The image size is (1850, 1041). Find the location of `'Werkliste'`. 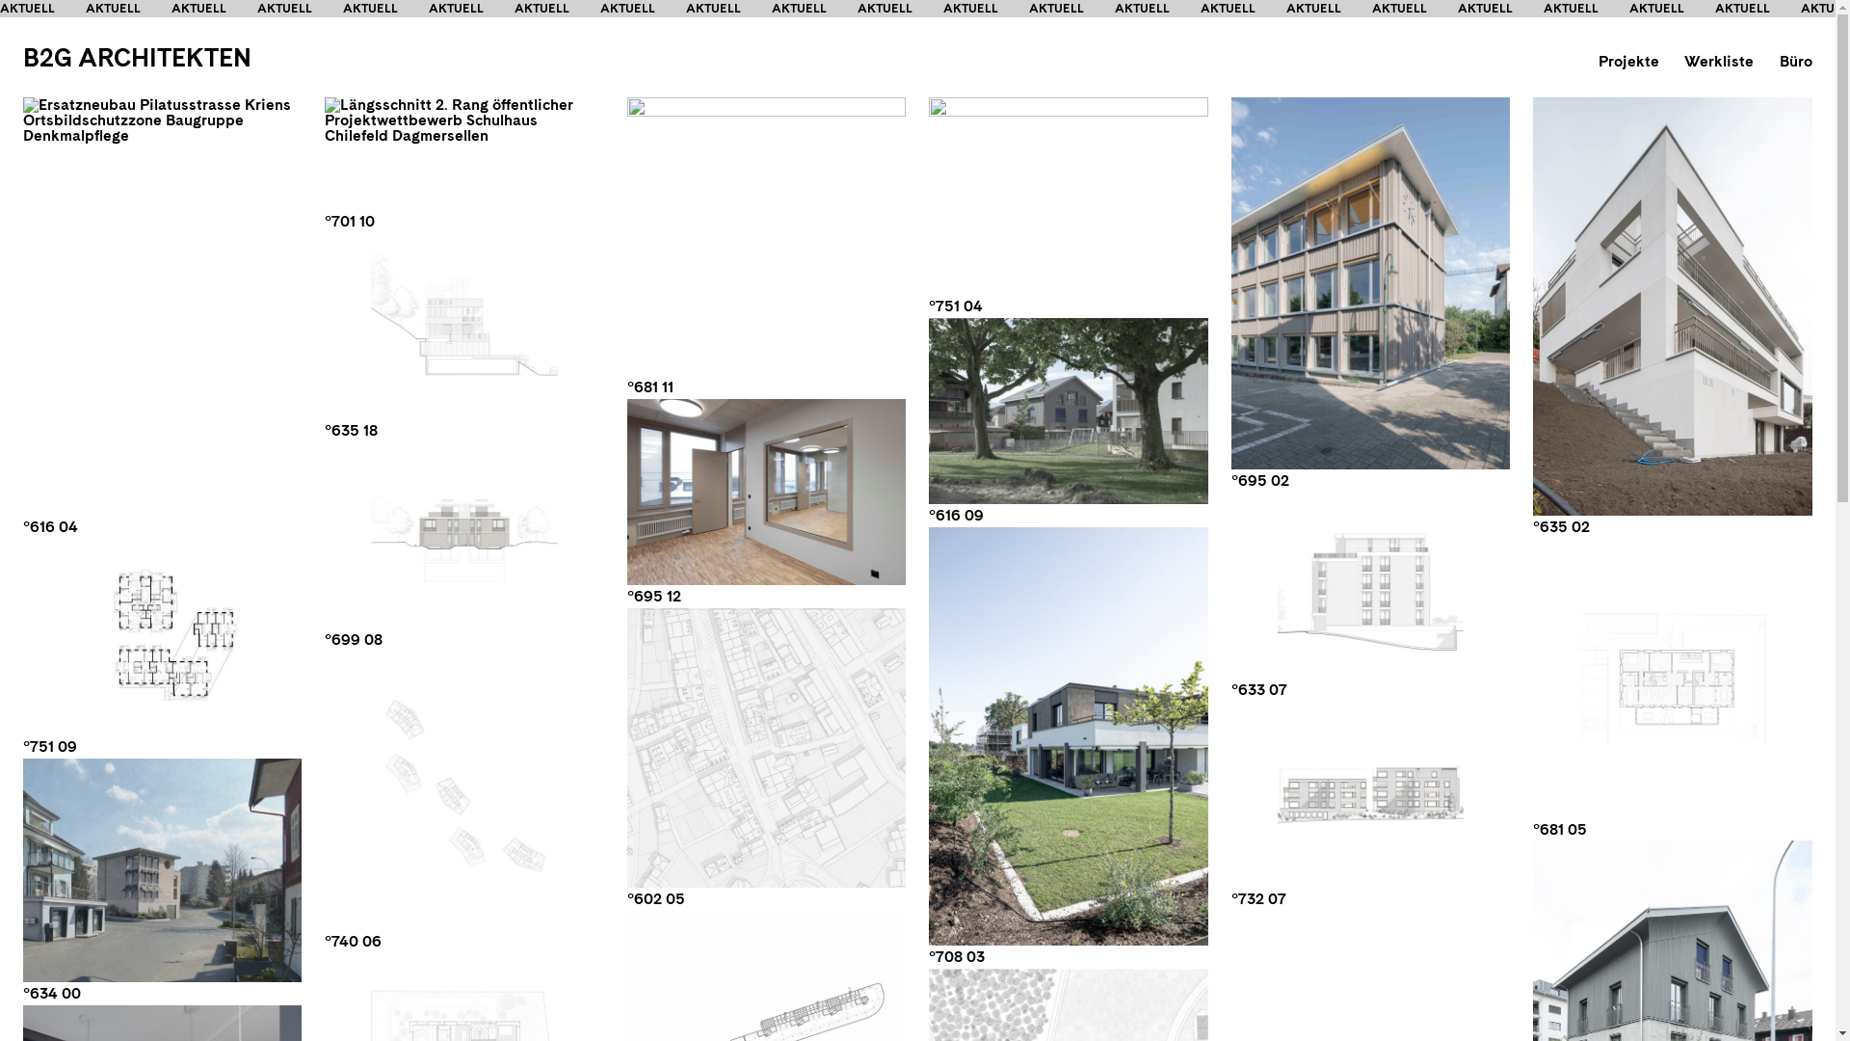

'Werkliste' is located at coordinates (1719, 60).